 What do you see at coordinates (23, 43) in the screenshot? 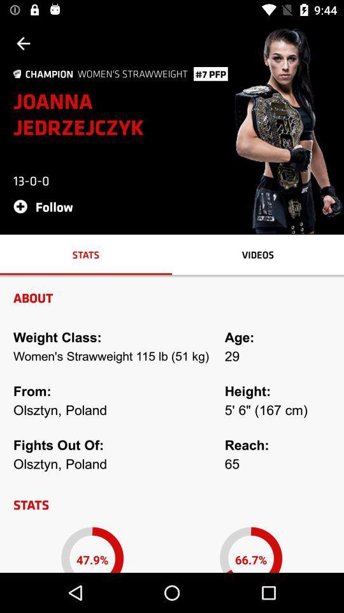
I see `go back` at bounding box center [23, 43].